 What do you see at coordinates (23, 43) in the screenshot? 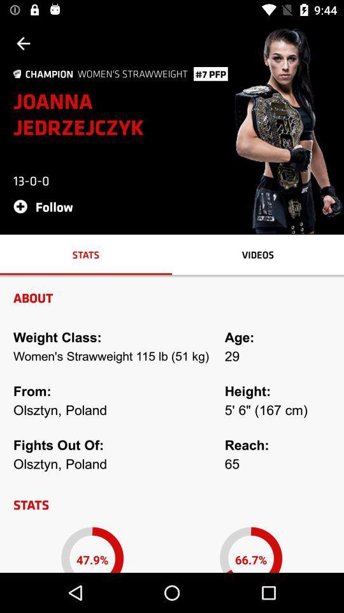
I see `go back` at bounding box center [23, 43].